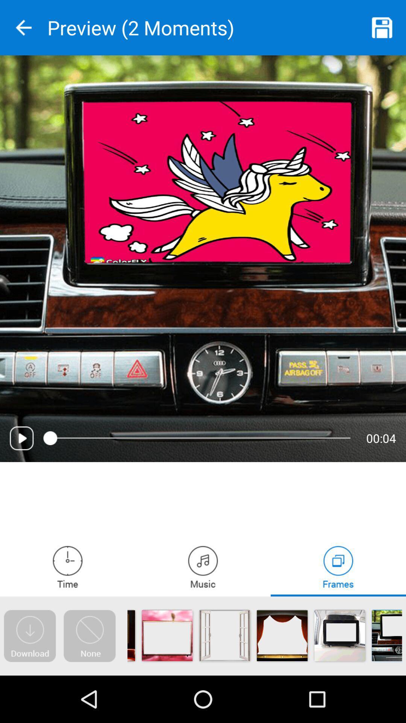 This screenshot has width=406, height=723. What do you see at coordinates (338, 567) in the screenshot?
I see `frames` at bounding box center [338, 567].